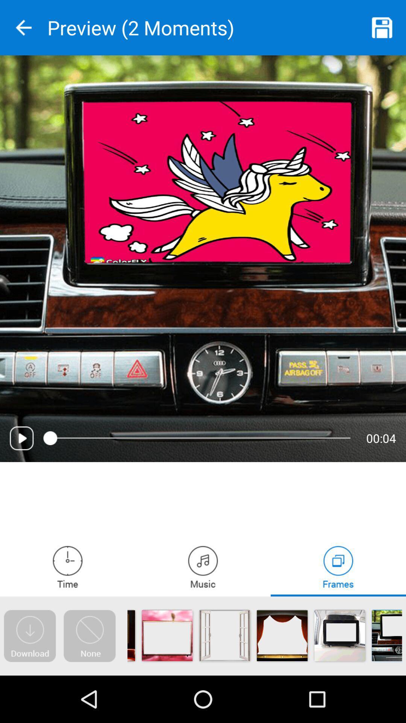 This screenshot has width=406, height=723. What do you see at coordinates (338, 567) in the screenshot?
I see `frames` at bounding box center [338, 567].